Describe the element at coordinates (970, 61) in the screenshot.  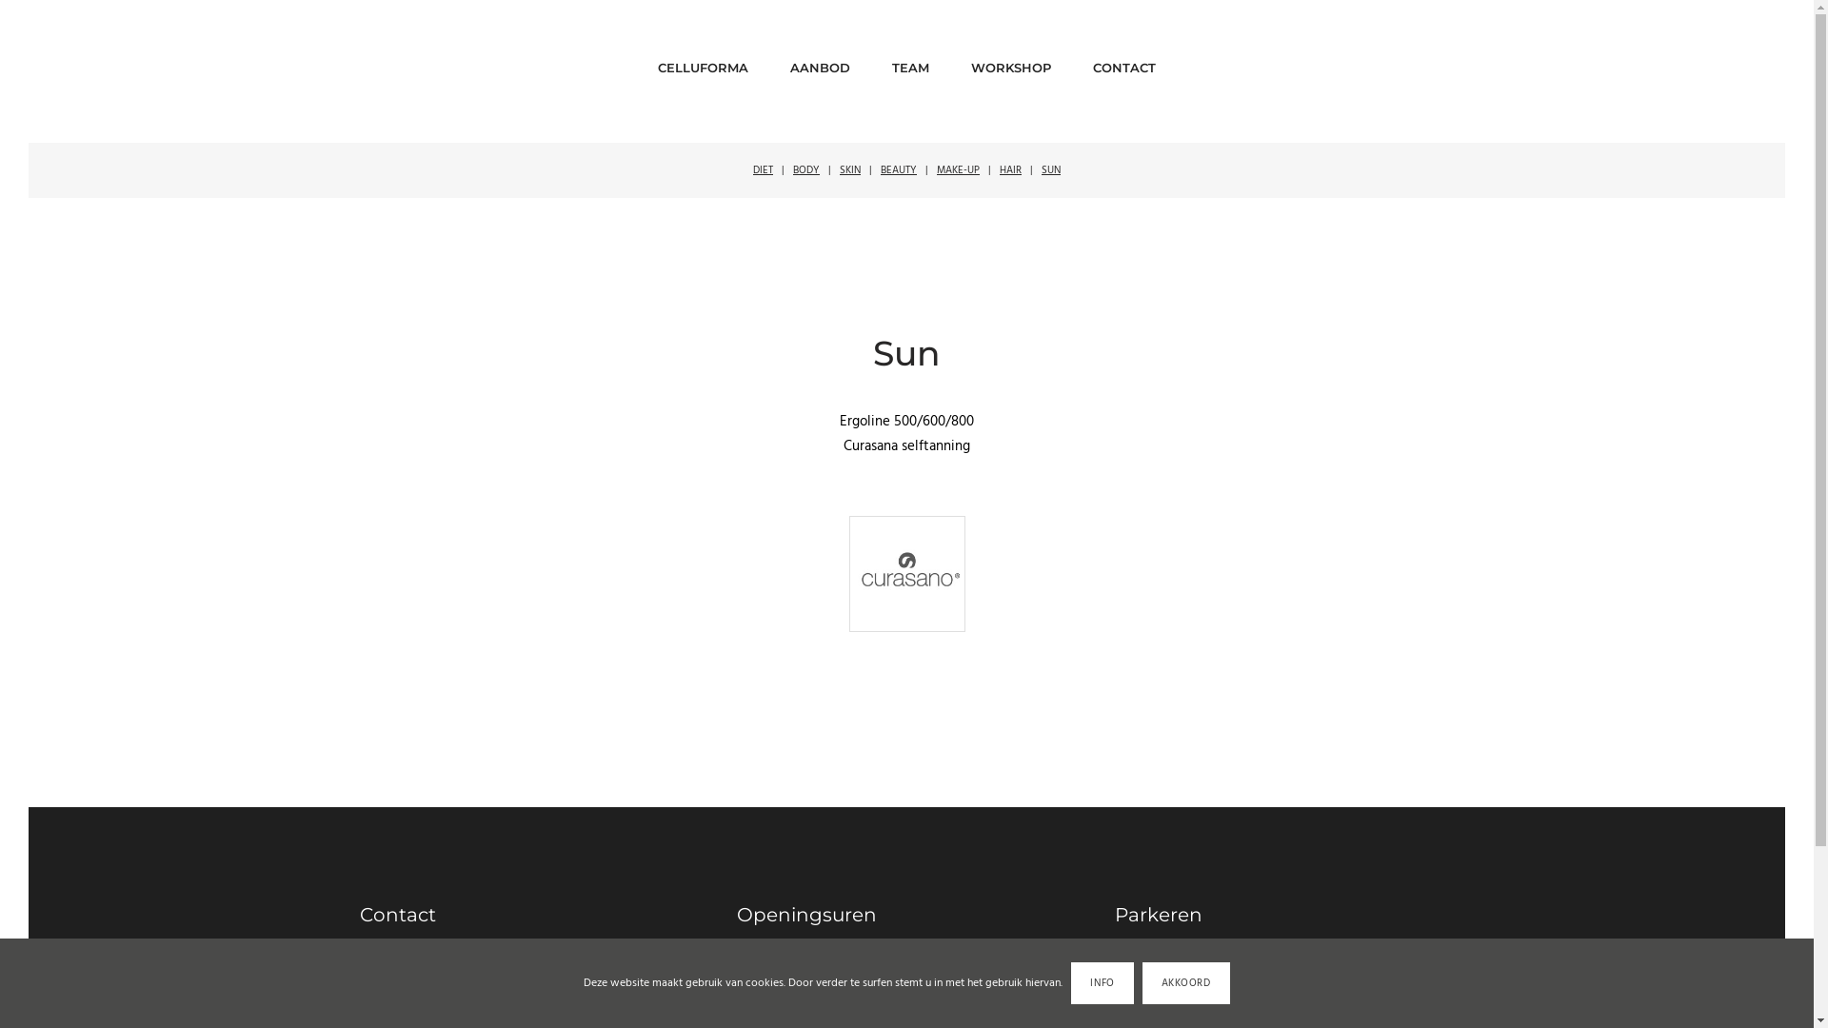
I see `'WORKSHOP'` at that location.